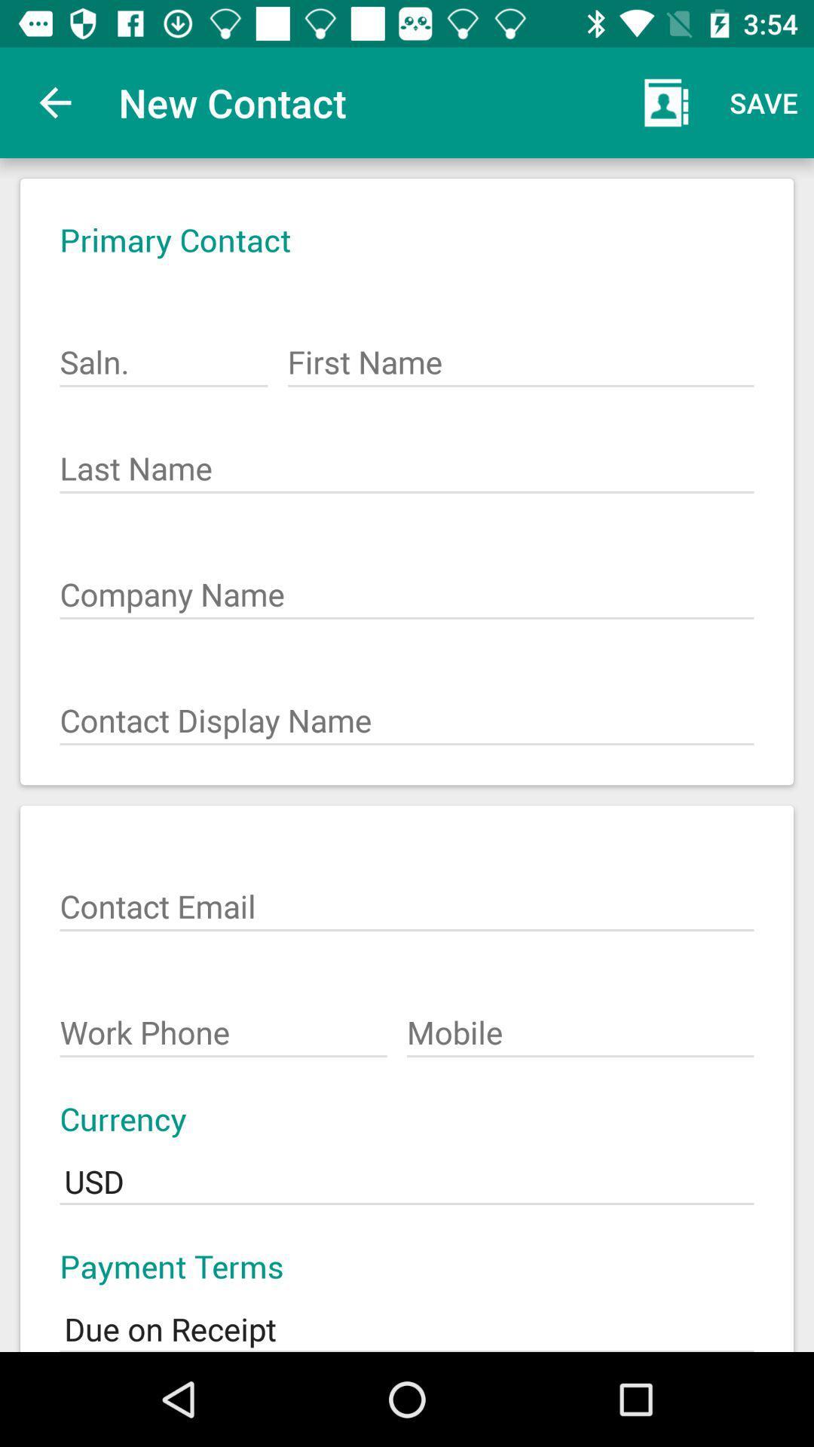 Image resolution: width=814 pixels, height=1447 pixels. I want to click on the text field on the second line of the screen last name, so click(407, 460).